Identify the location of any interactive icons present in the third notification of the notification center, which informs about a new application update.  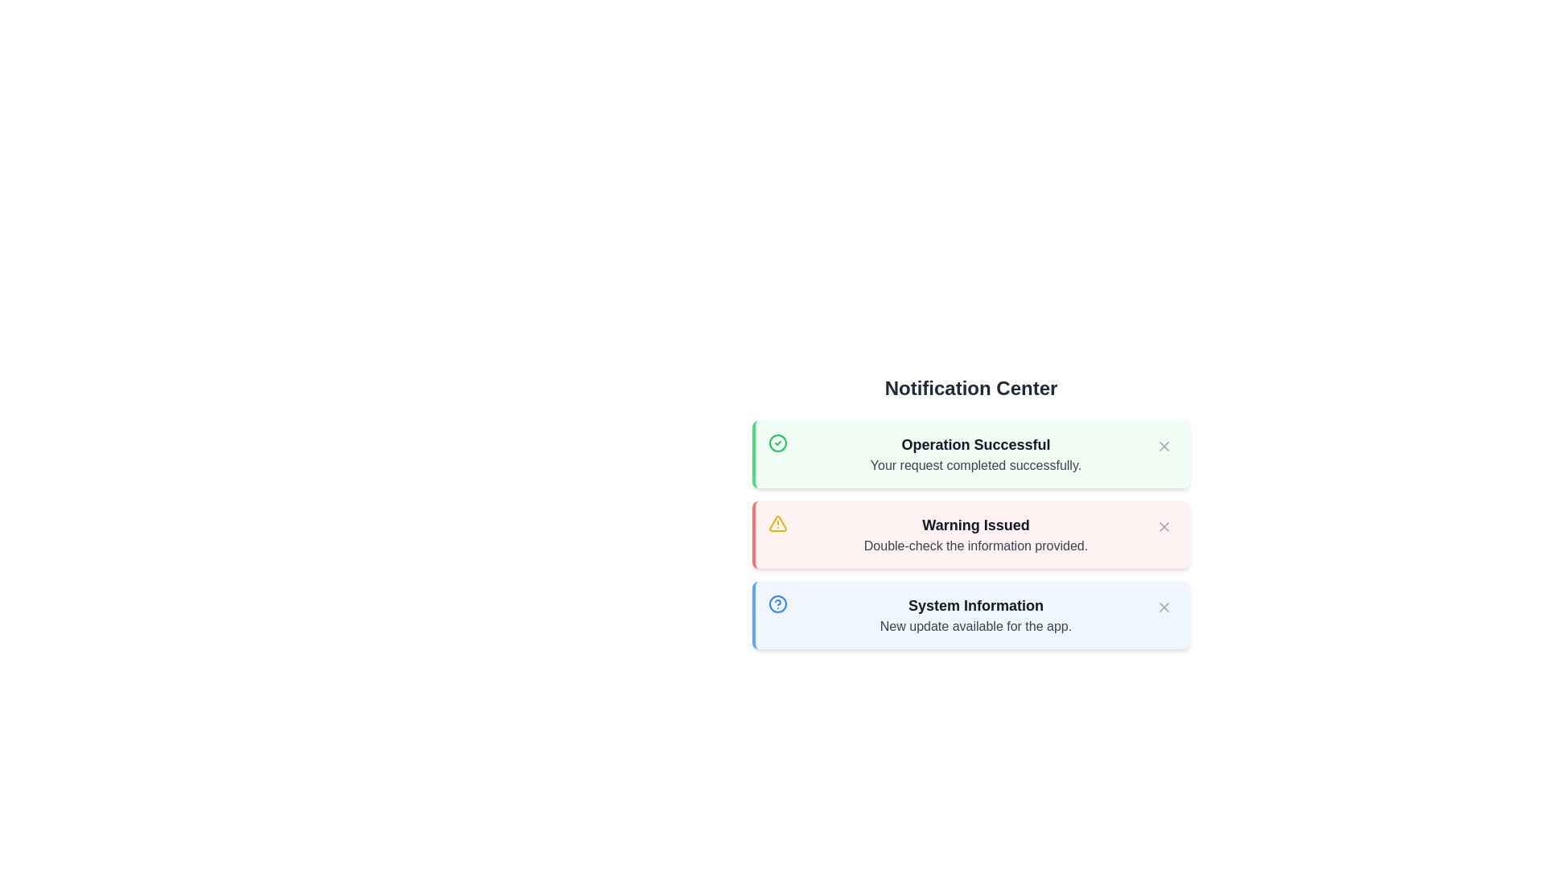
(970, 615).